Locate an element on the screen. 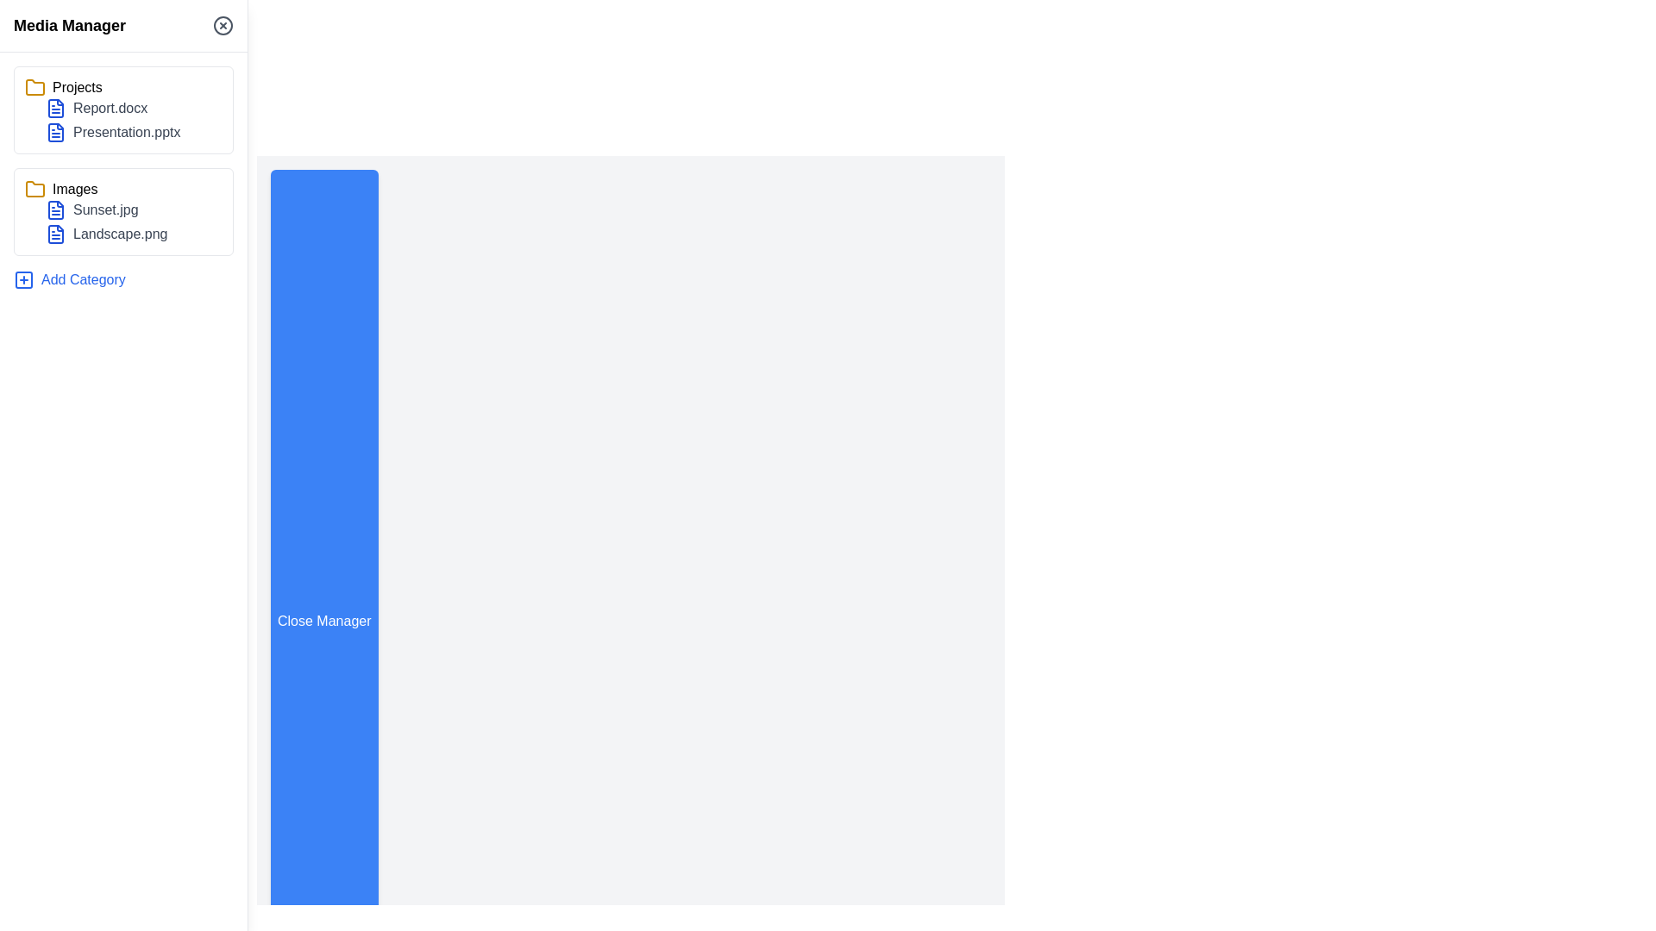  the blue file-like icon with a document outline and folded corner located is located at coordinates (56, 109).